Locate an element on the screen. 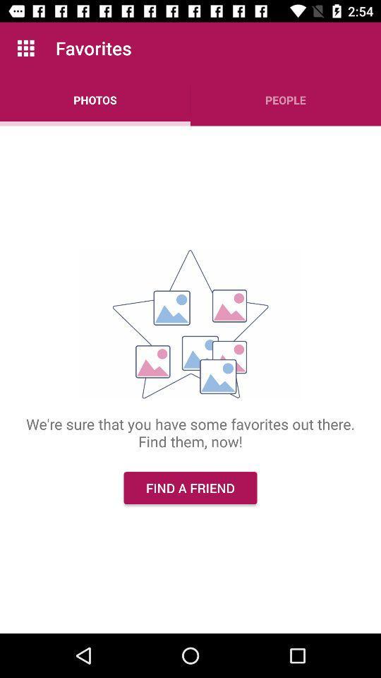 This screenshot has height=678, width=381. the app to the left of people is located at coordinates (95, 99).